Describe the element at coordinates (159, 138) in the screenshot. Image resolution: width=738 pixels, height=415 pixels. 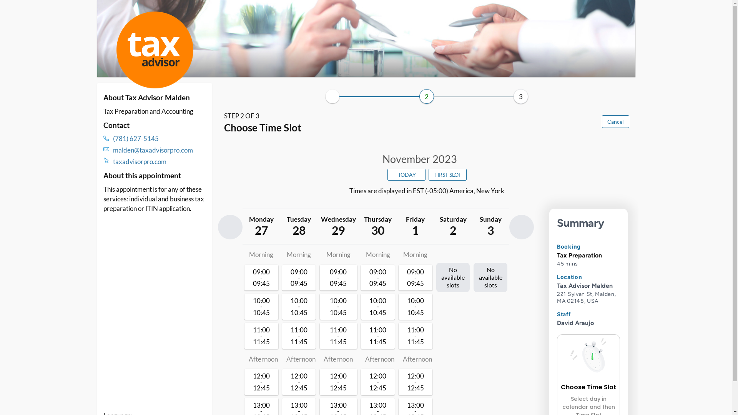
I see `'(781) 627-5145'` at that location.